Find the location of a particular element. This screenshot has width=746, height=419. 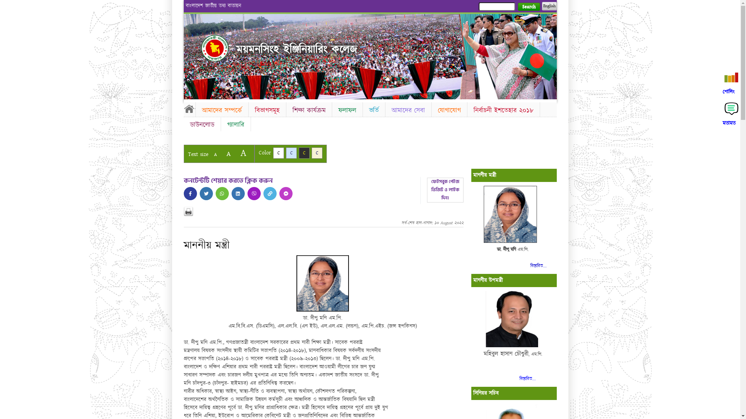

'Home' is located at coordinates (189, 109).